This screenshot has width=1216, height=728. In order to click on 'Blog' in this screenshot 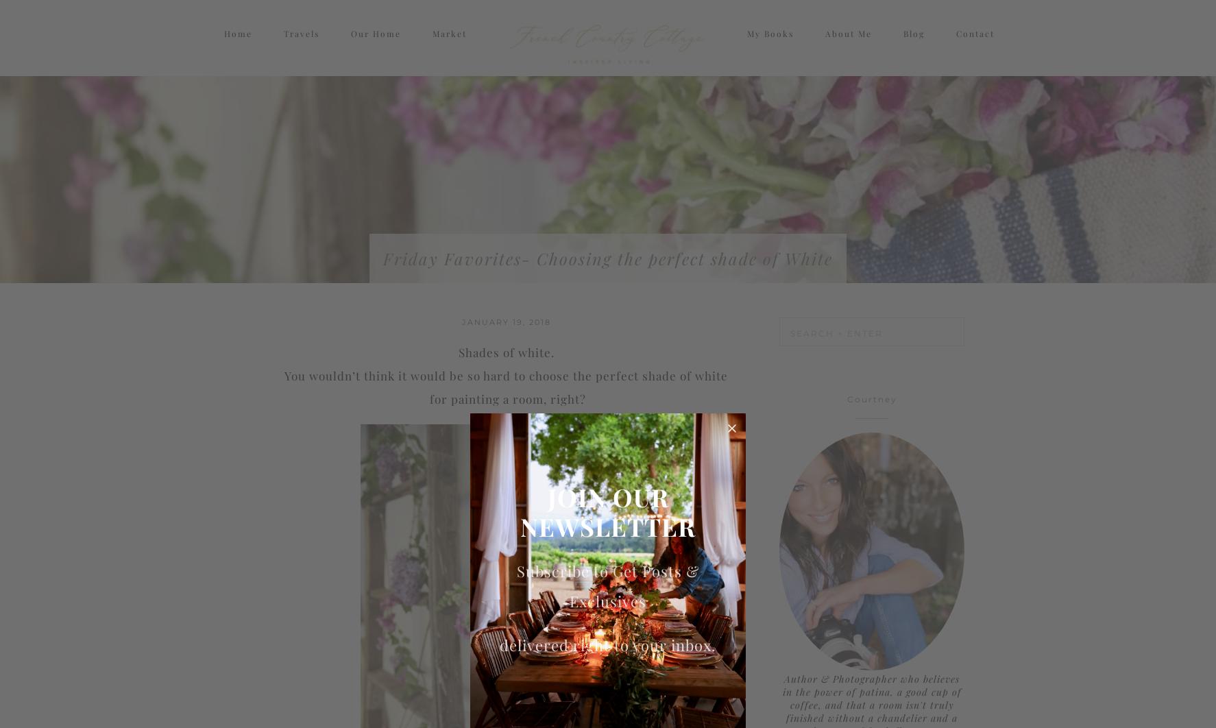, I will do `click(913, 46)`.